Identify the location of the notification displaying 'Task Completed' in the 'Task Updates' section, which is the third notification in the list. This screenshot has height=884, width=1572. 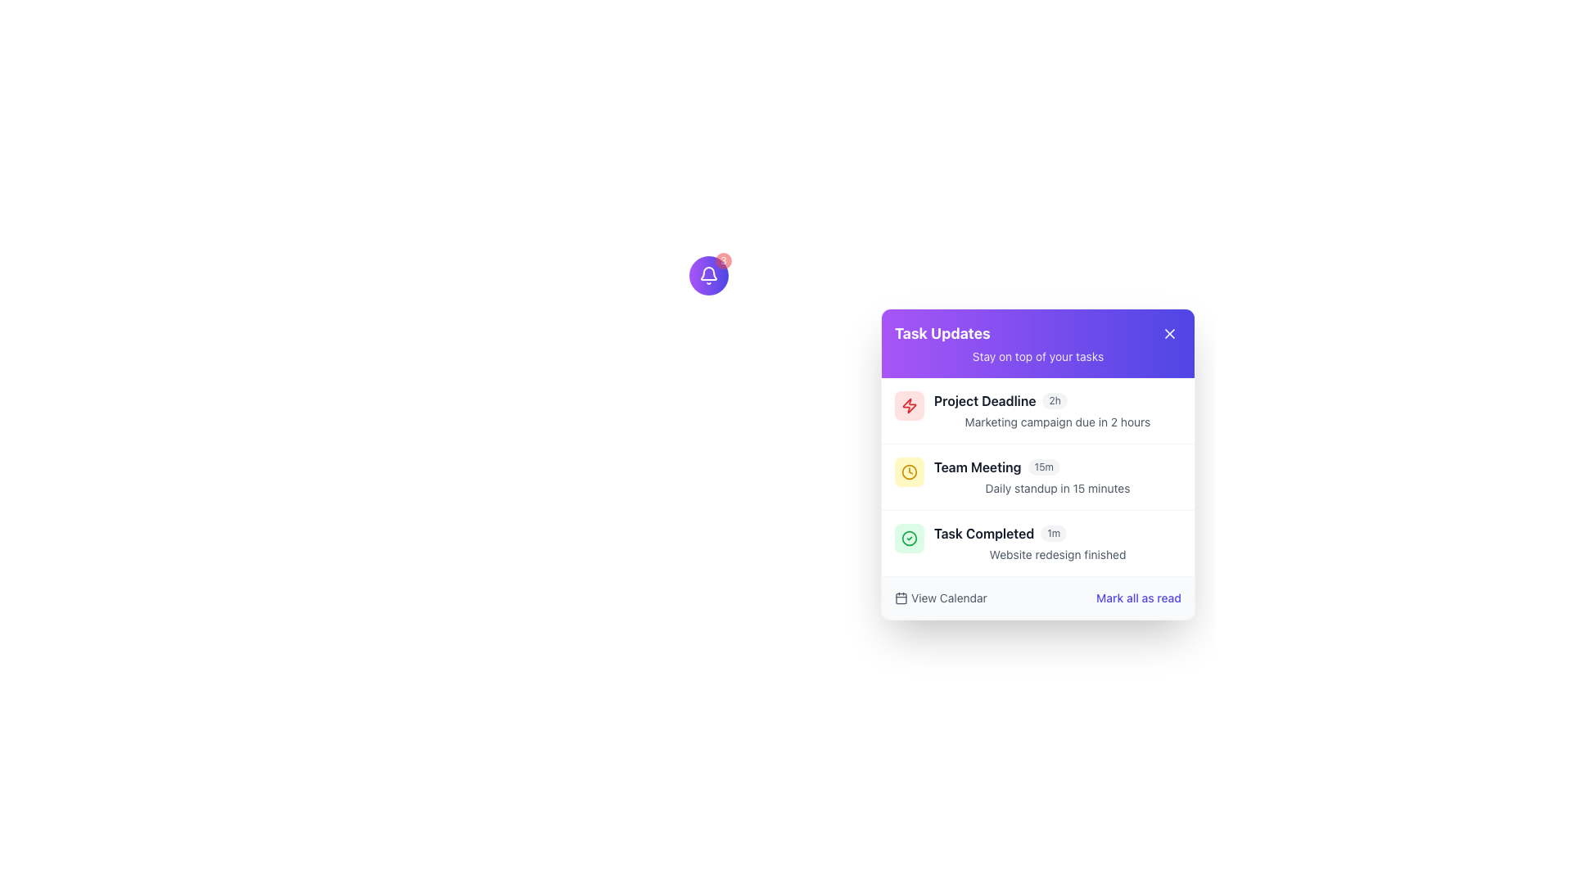
(1057, 543).